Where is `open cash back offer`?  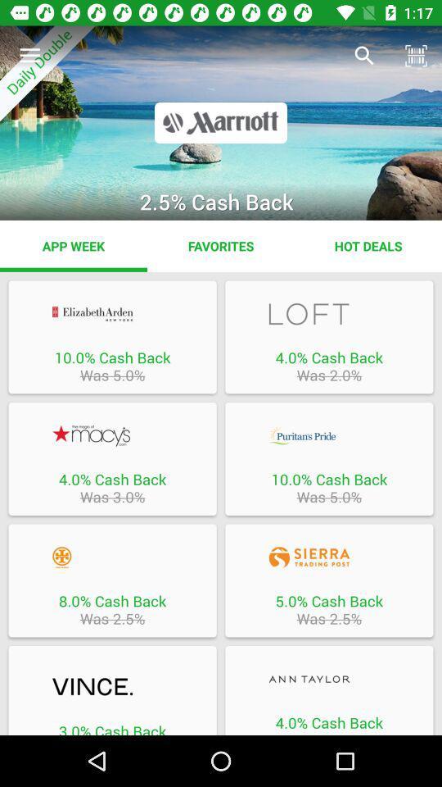
open cash back offer is located at coordinates (329, 557).